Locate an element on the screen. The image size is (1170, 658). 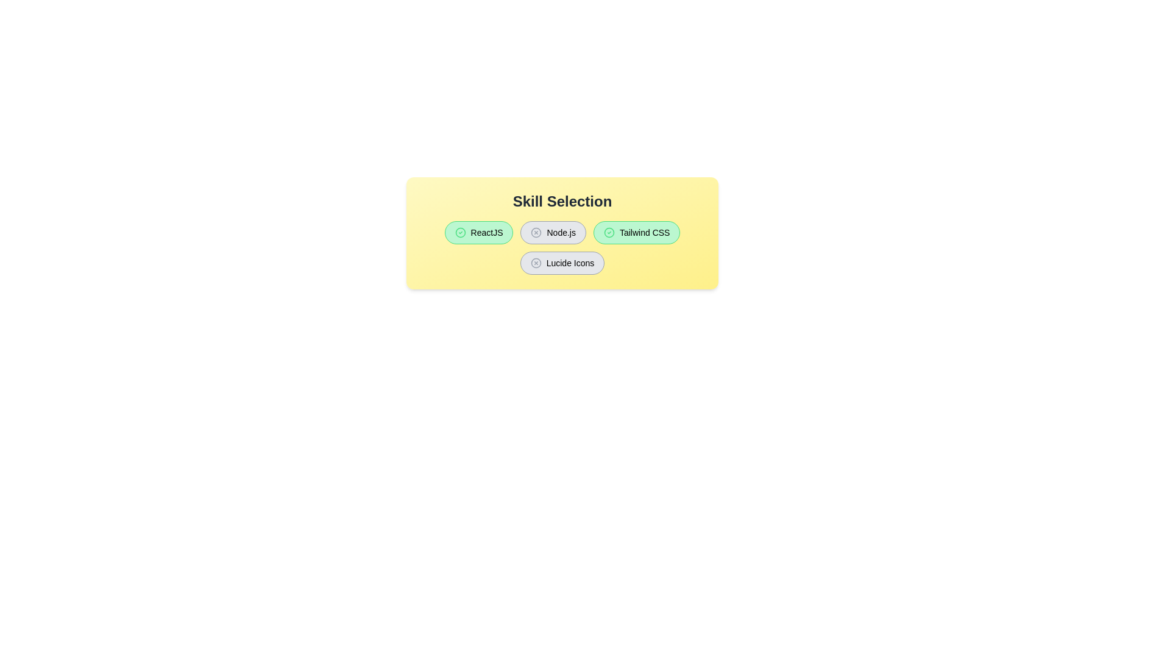
the button labeled ReactJS to observe the hover effect is located at coordinates (478, 232).